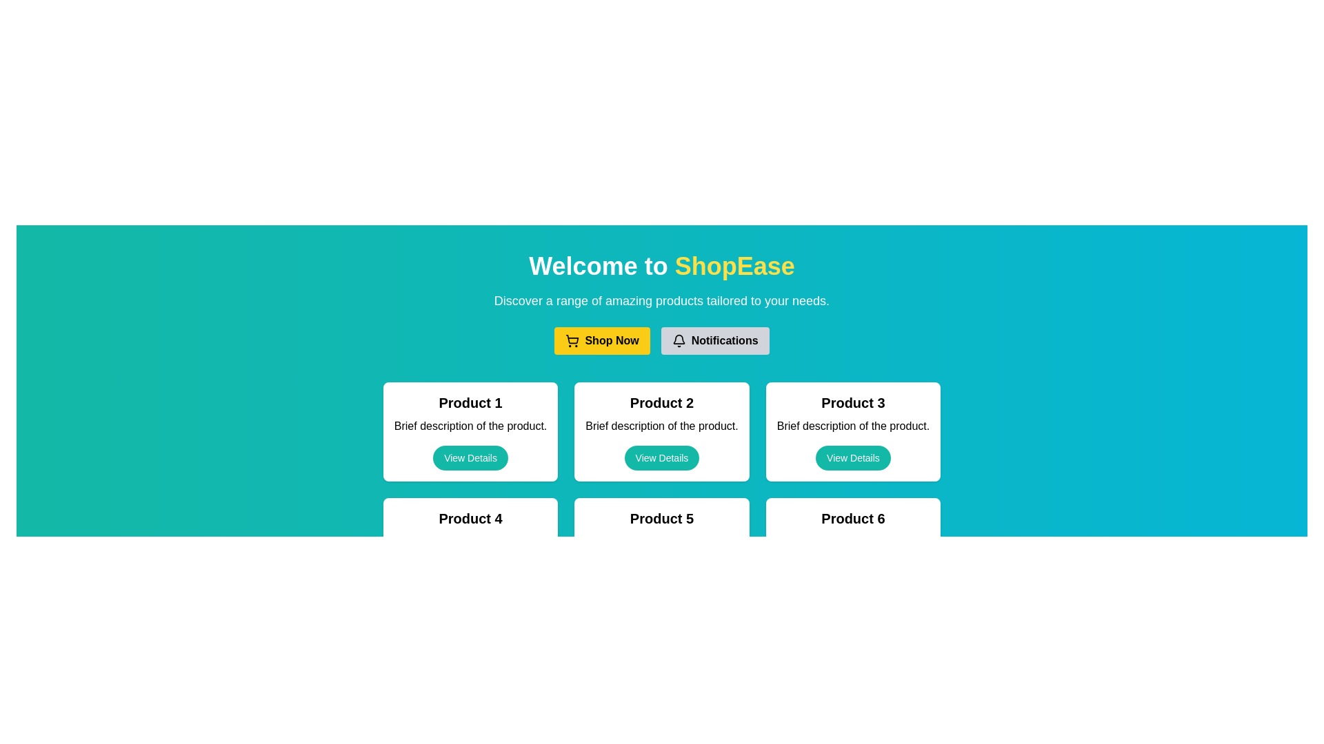 This screenshot has height=744, width=1324. I want to click on the static text displaying 'Brief description of the product.' located in the second product card labeled 'Product 2', positioned below the header and above the 'View Details' button, so click(662, 425).